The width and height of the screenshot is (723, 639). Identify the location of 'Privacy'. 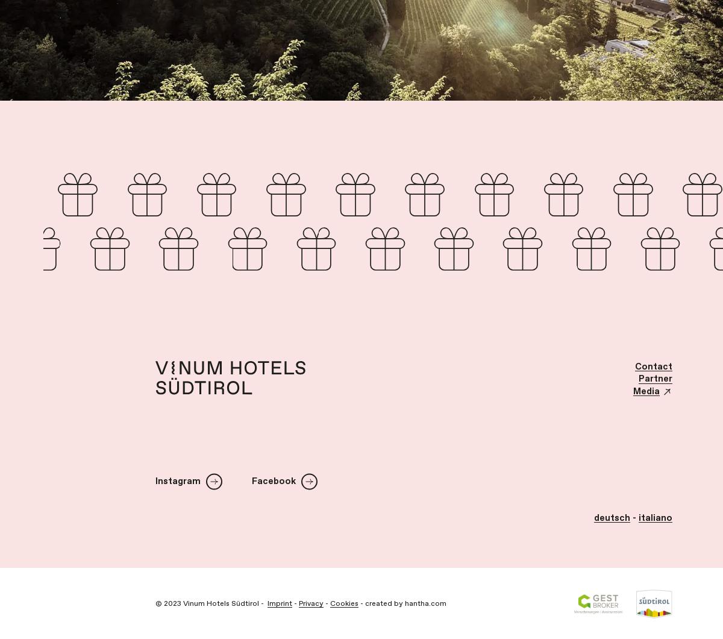
(310, 602).